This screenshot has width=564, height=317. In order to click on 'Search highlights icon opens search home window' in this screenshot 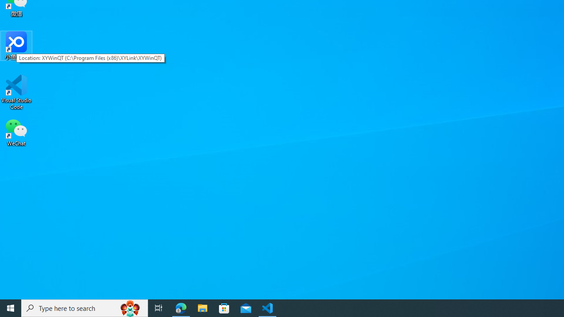, I will do `click(130, 307)`.